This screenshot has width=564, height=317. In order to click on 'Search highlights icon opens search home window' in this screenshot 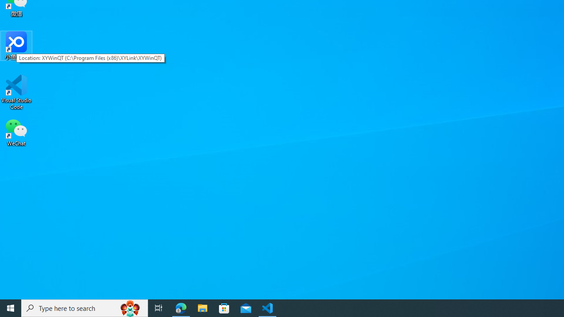, I will do `click(130, 307)`.